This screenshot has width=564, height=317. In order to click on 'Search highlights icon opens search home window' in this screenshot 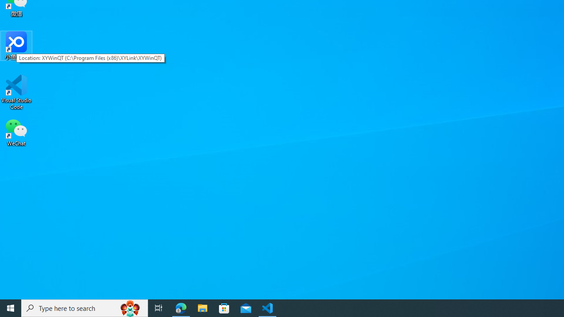, I will do `click(130, 307)`.